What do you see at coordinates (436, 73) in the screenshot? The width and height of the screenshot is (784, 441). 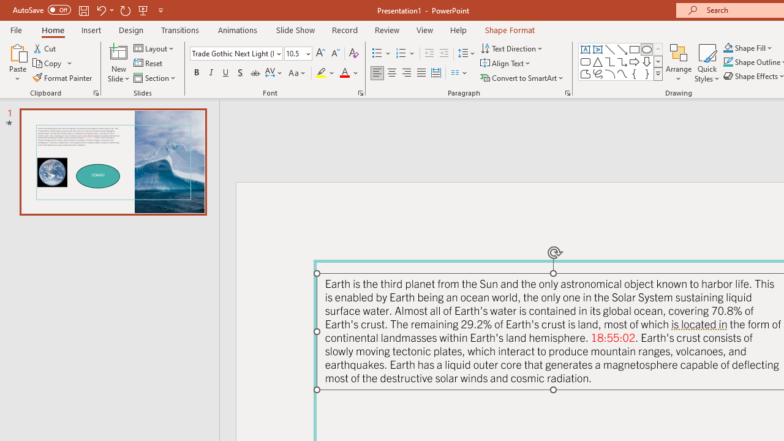 I see `'Distributed'` at bounding box center [436, 73].